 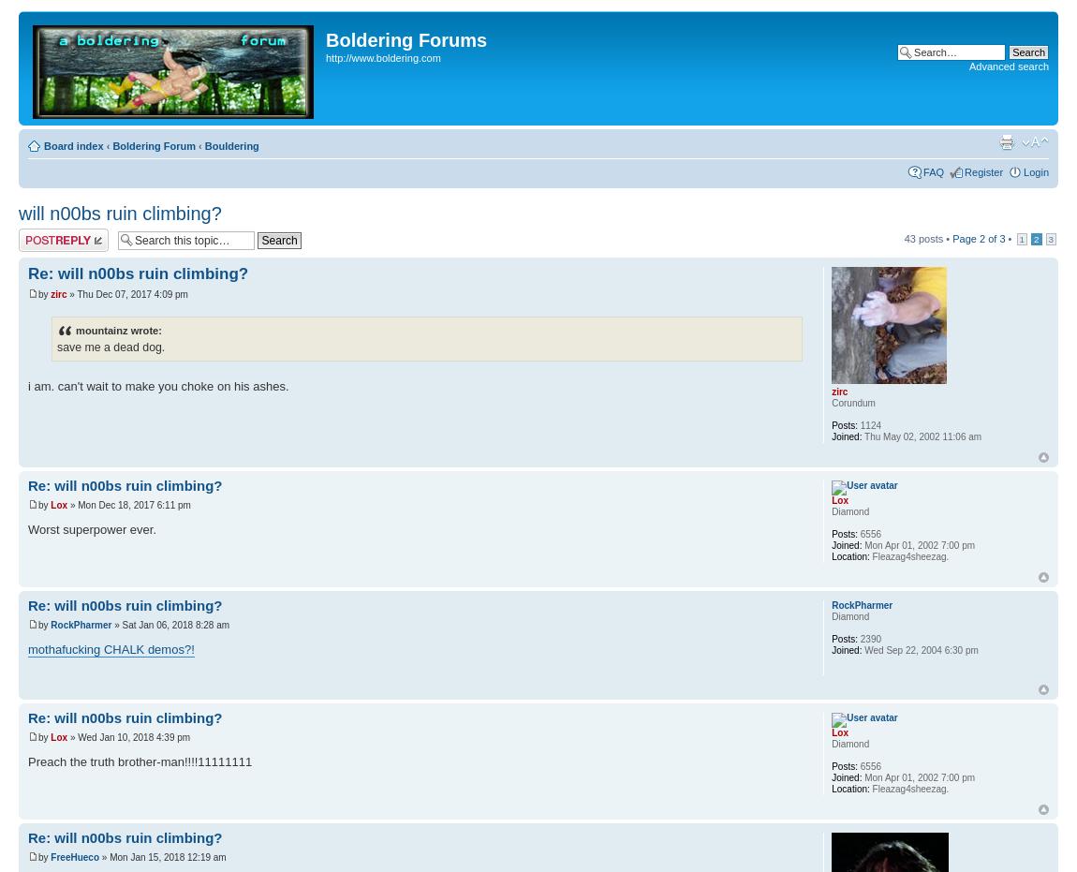 What do you see at coordinates (203, 145) in the screenshot?
I see `'Bouldering'` at bounding box center [203, 145].